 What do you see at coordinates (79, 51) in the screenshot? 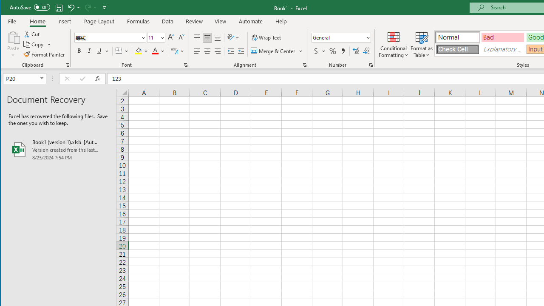
I see `'Bold'` at bounding box center [79, 51].